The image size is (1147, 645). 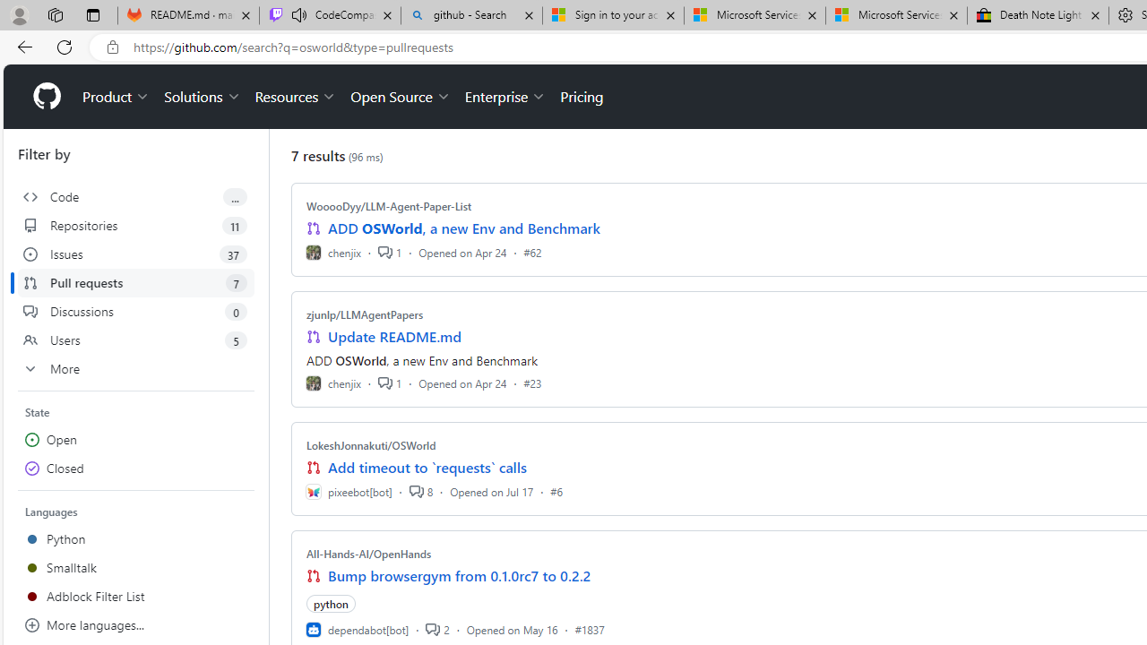 I want to click on 'Solutions', so click(x=202, y=97).